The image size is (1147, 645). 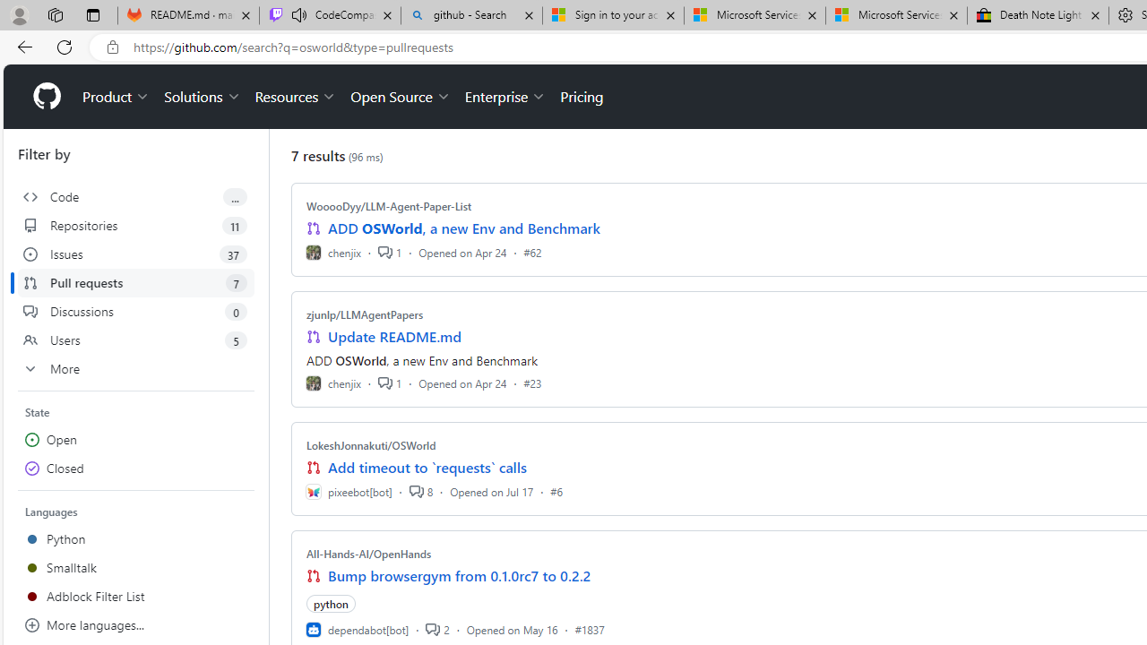 I want to click on 'Solutions', so click(x=202, y=97).